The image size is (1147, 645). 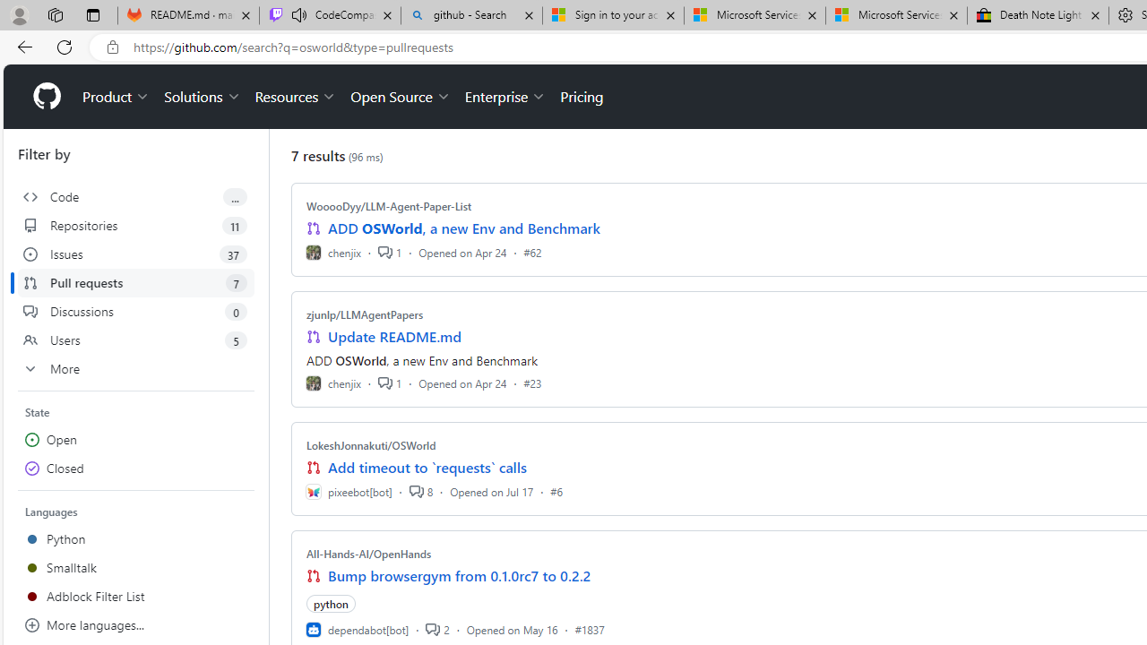 I want to click on 'Solutions', so click(x=202, y=97).